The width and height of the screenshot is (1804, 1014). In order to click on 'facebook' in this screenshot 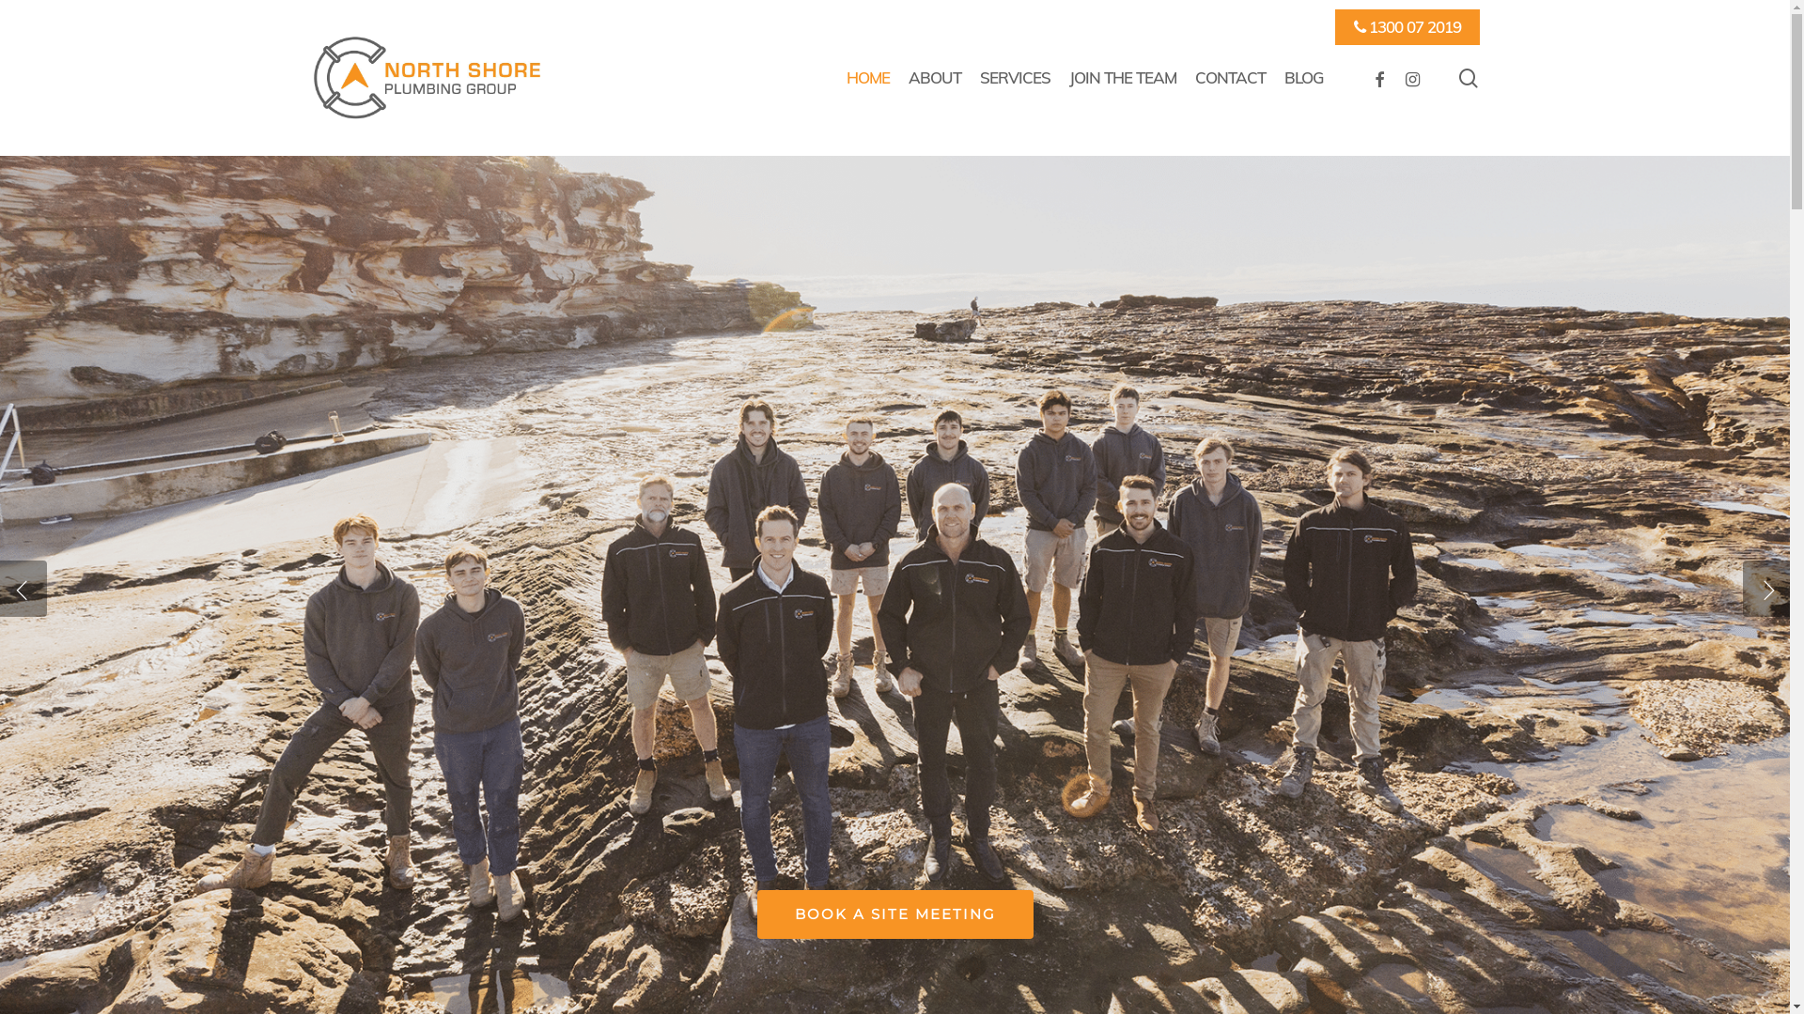, I will do `click(1378, 77)`.